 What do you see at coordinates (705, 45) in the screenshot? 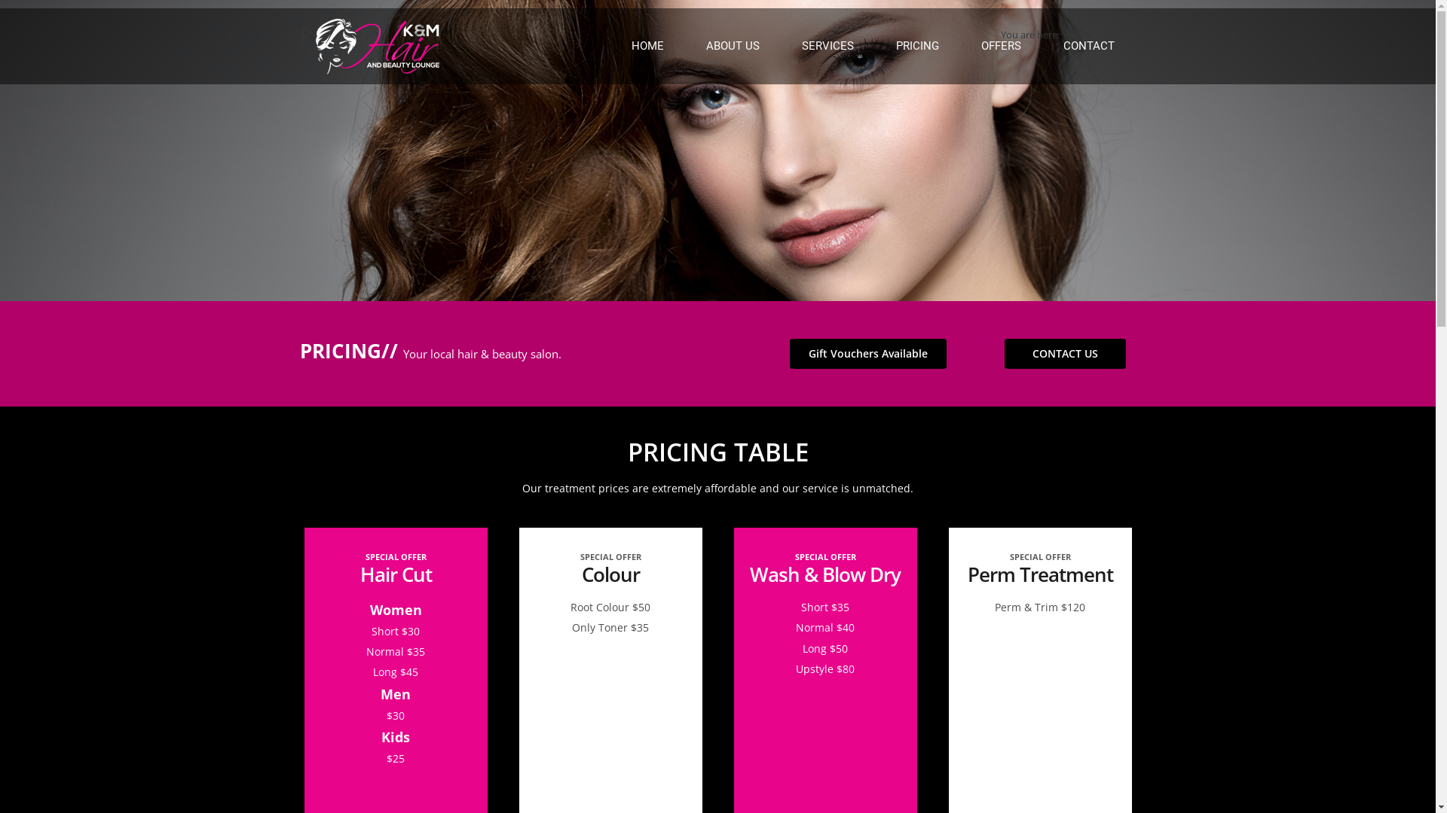
I see `'ABOUT US'` at bounding box center [705, 45].